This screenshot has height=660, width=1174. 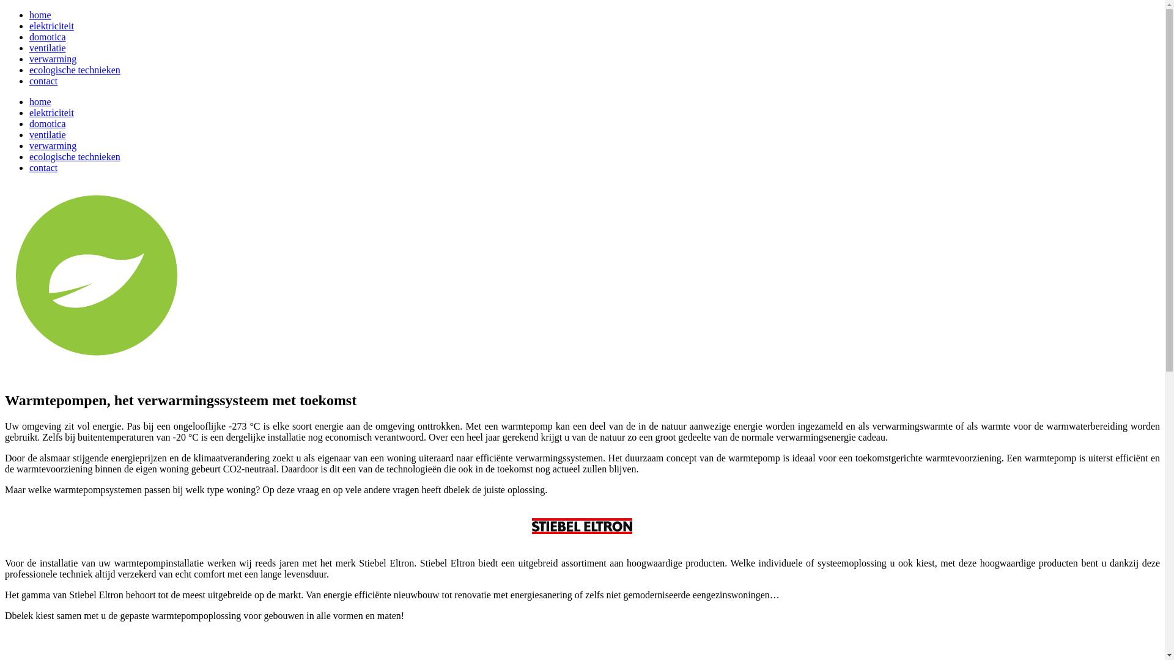 What do you see at coordinates (74, 70) in the screenshot?
I see `'ecologische technieken'` at bounding box center [74, 70].